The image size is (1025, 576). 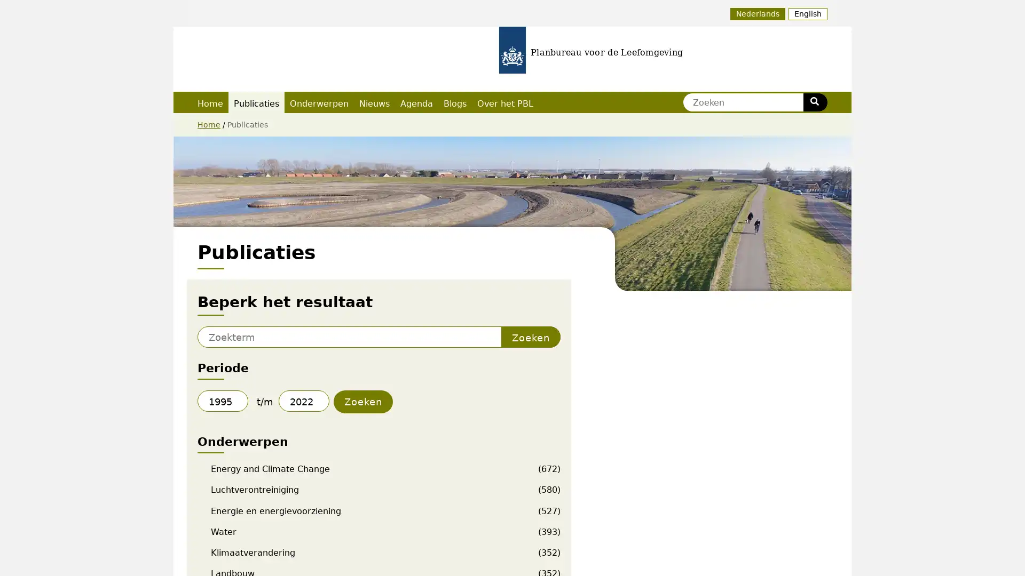 I want to click on Zoeken, so click(x=531, y=337).